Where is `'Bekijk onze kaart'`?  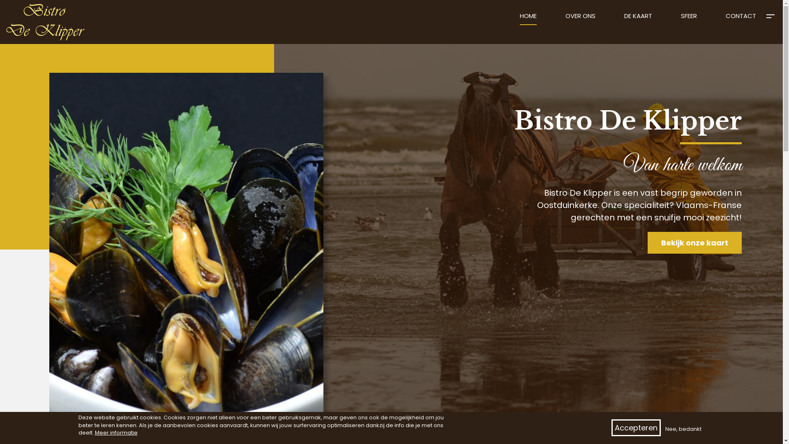 'Bekijk onze kaart' is located at coordinates (694, 242).